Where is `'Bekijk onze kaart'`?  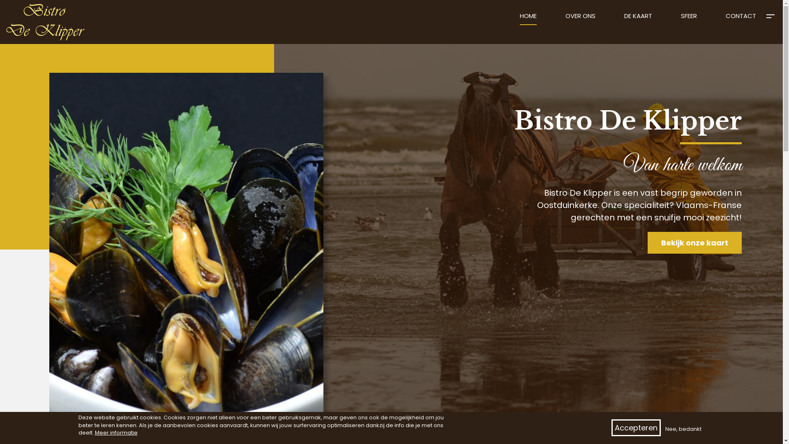 'Bekijk onze kaart' is located at coordinates (694, 242).